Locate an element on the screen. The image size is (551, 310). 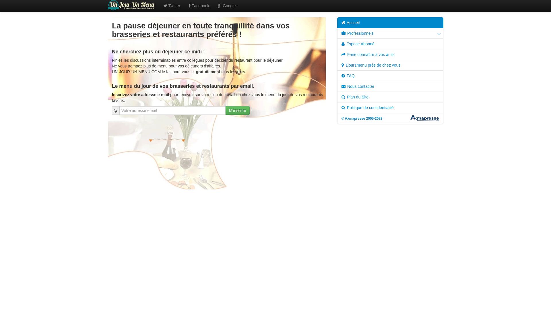
'Facebook' is located at coordinates (199, 5).